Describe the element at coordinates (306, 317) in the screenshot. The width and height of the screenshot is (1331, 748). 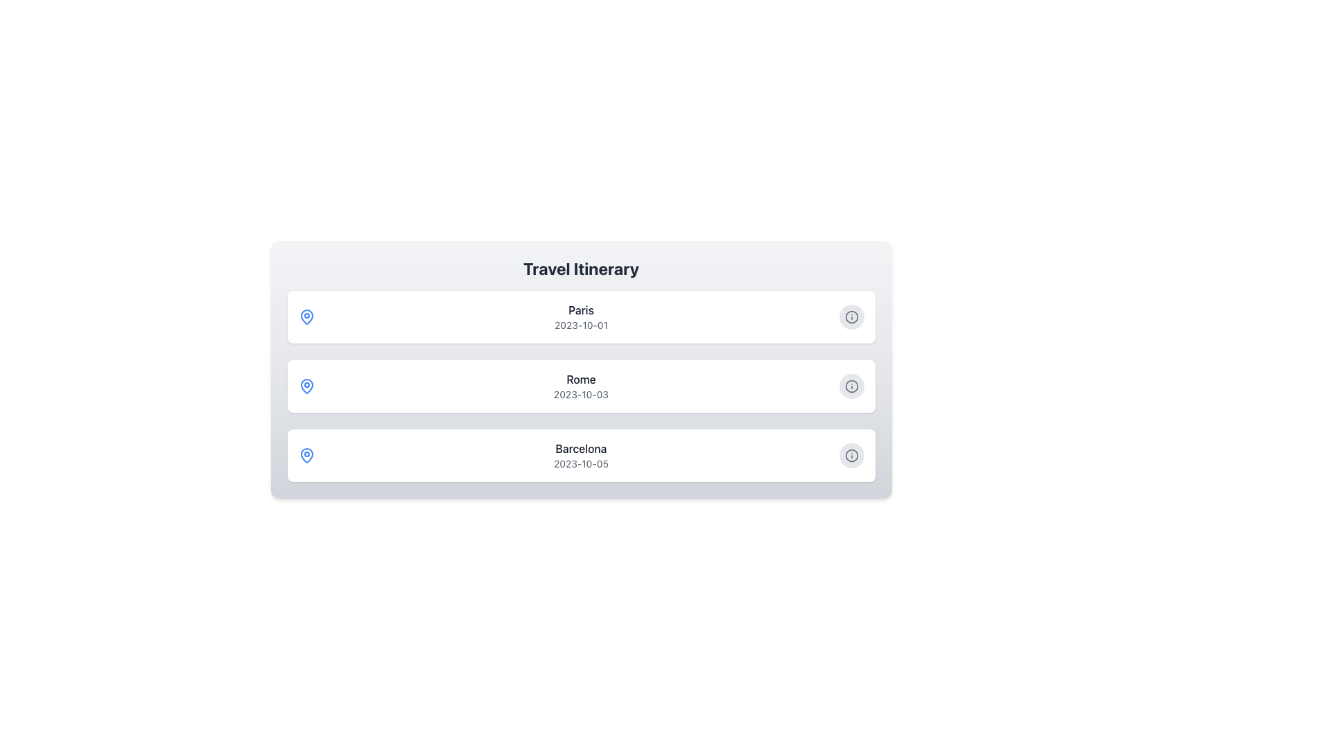
I see `the graphical icon located in the first row of the 'Travel Itinerary' list, positioned to the left of the 'Paris' text label` at that location.